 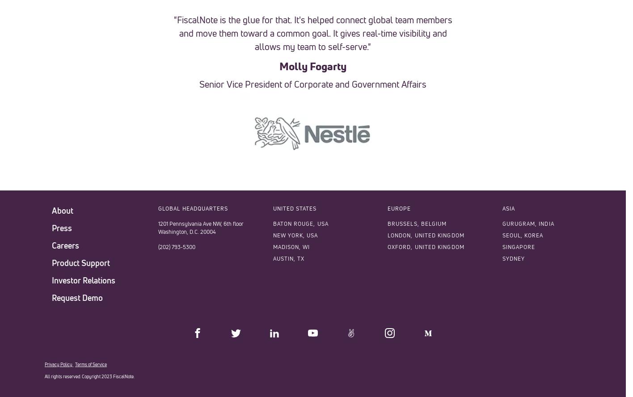 What do you see at coordinates (51, 245) in the screenshot?
I see `'Careers'` at bounding box center [51, 245].